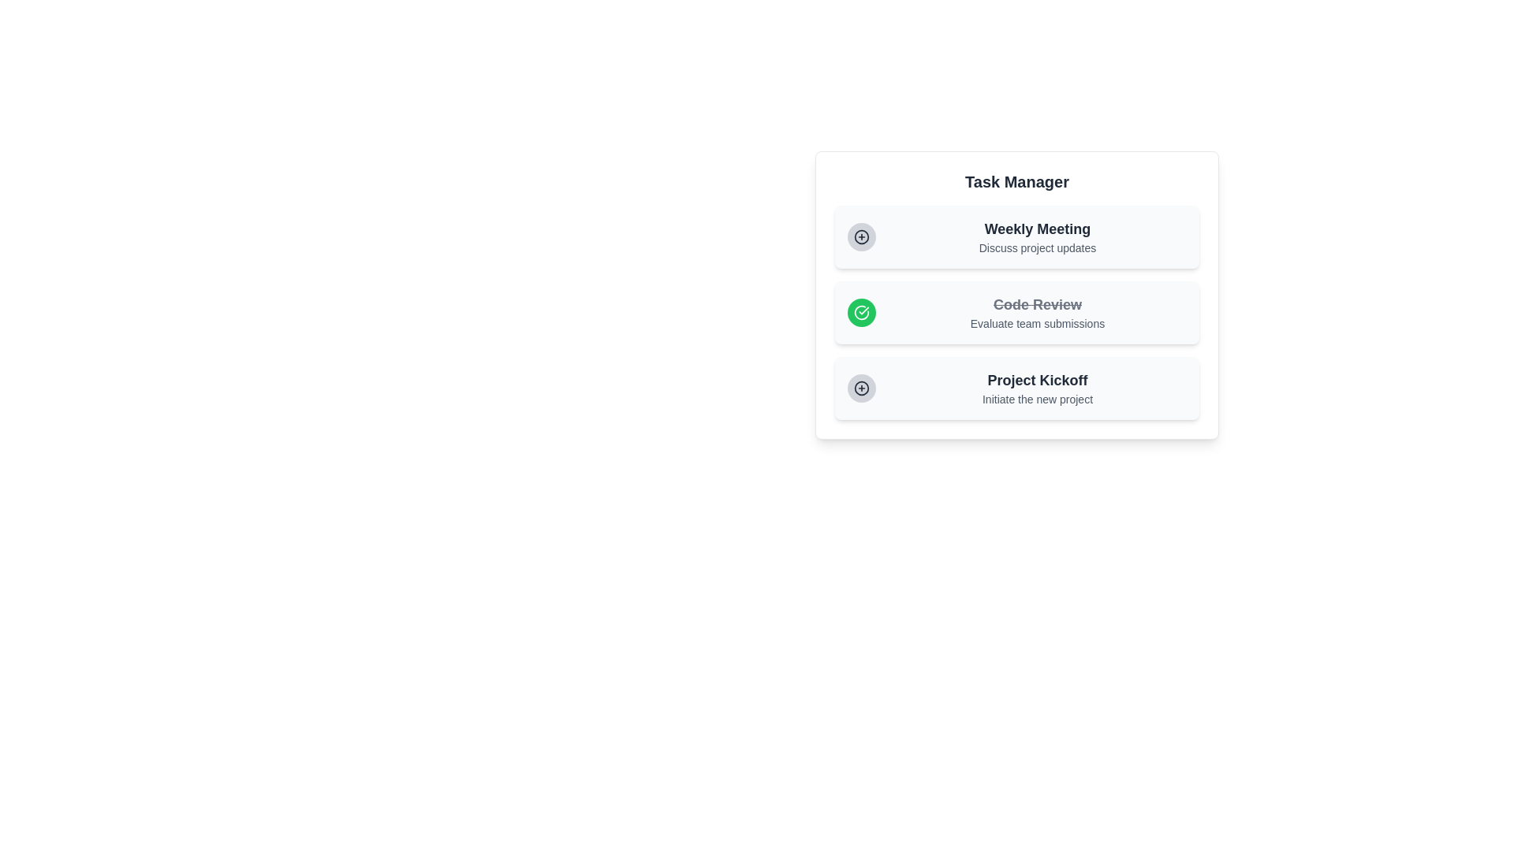 This screenshot has width=1514, height=851. I want to click on text content of the label displaying 'Discuss project updates', which is styled in gray and positioned below 'Weekly Meeting' in the Task Manager interface, so click(1037, 248).